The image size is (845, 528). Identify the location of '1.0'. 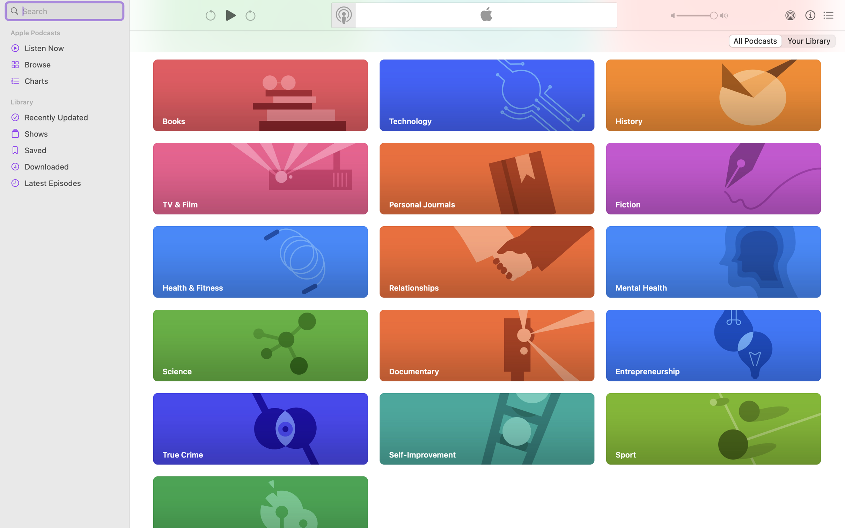
(697, 15).